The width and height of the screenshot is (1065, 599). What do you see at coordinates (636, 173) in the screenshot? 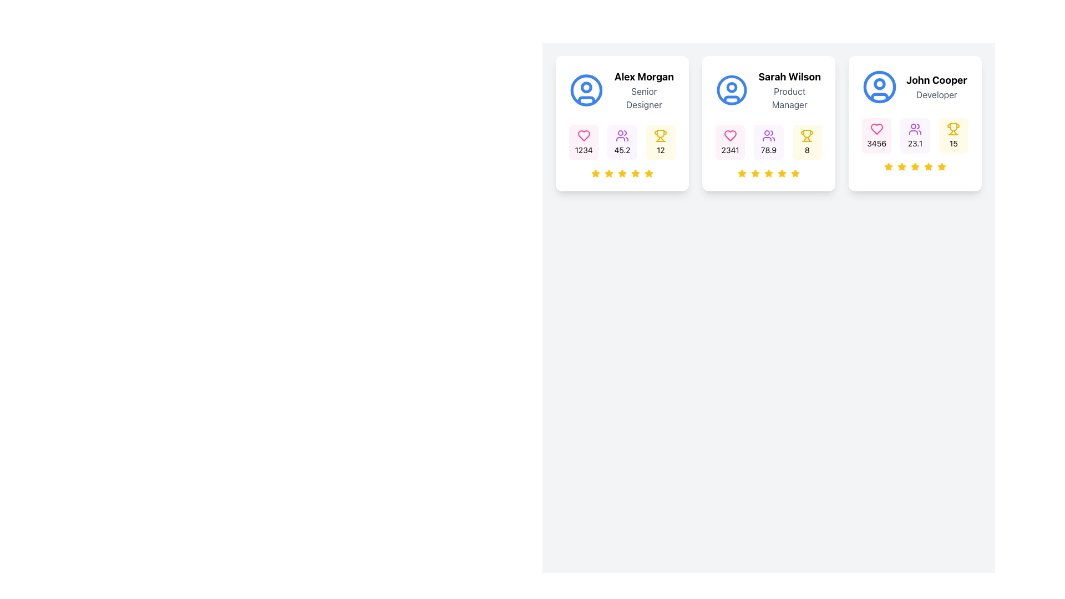
I see `the fifth star icon used for rating in the card for 'Alex Morgan'` at bounding box center [636, 173].